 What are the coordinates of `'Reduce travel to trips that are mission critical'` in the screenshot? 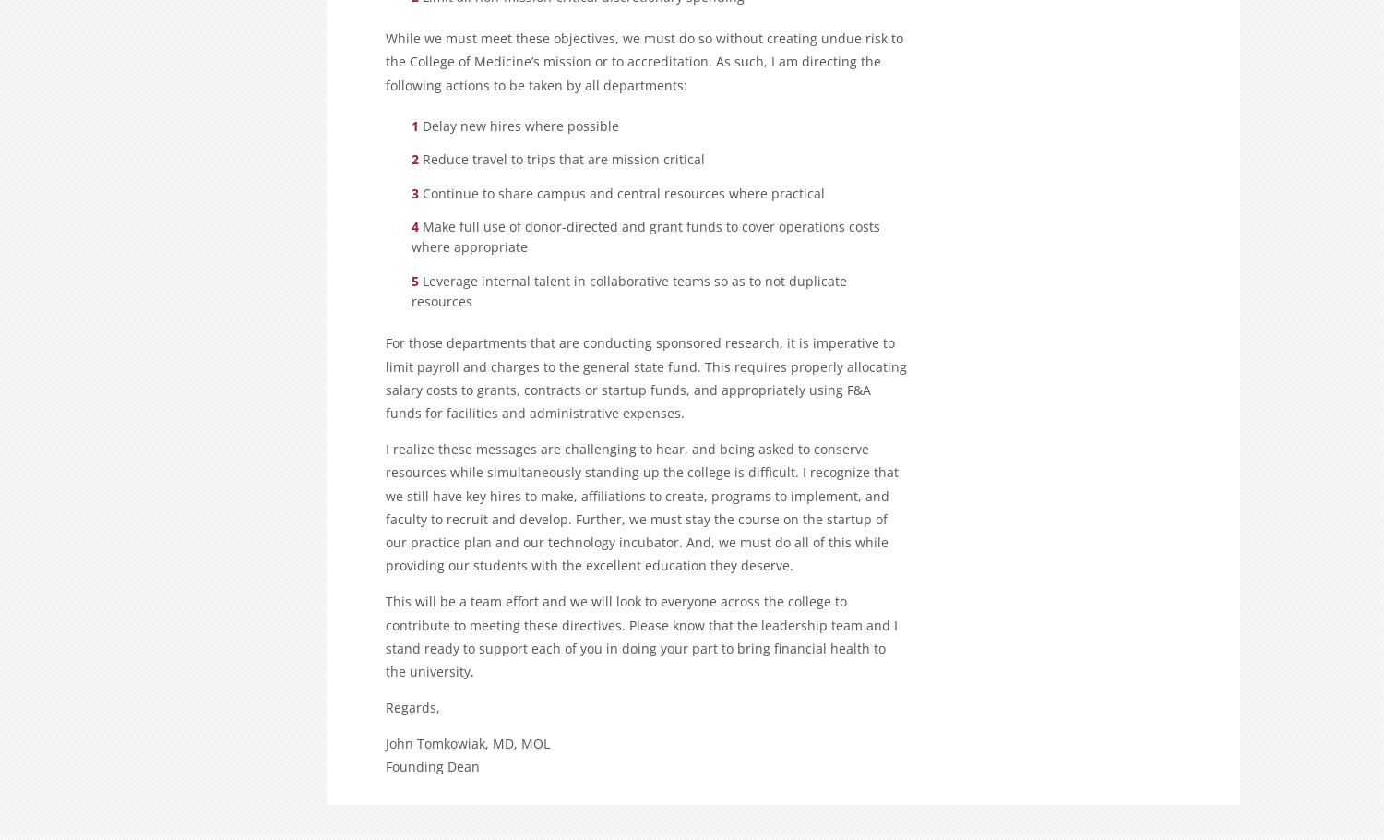 It's located at (562, 159).